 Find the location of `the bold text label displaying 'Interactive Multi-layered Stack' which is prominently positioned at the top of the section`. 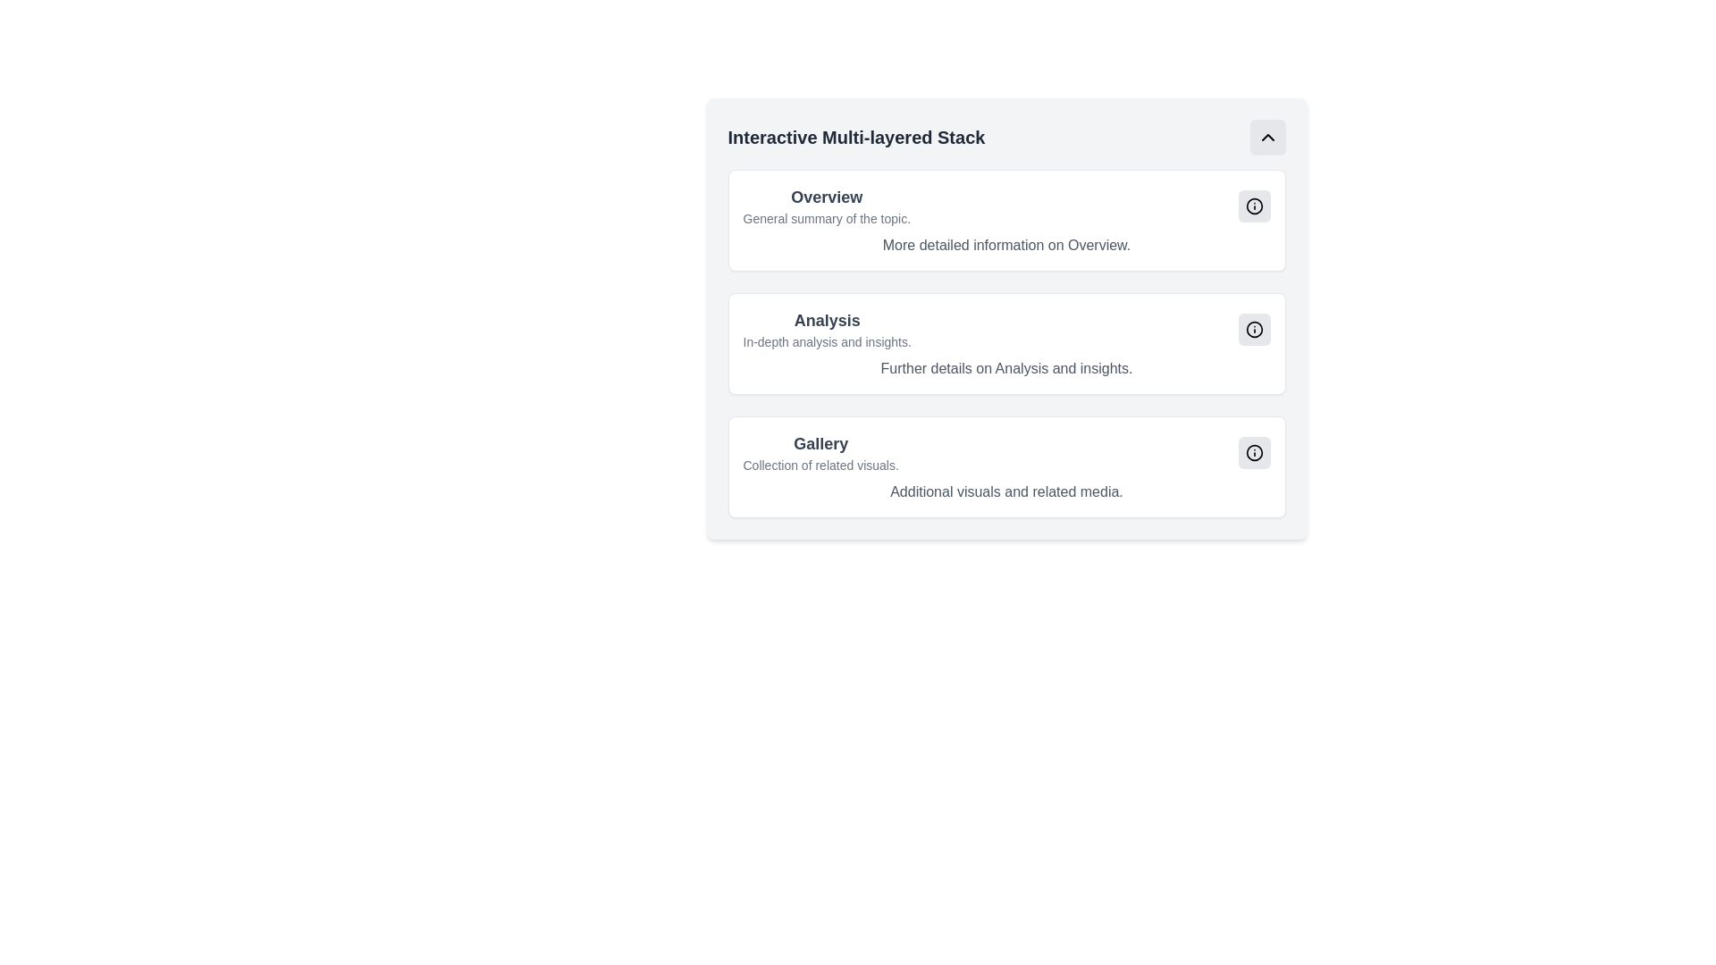

the bold text label displaying 'Interactive Multi-layered Stack' which is prominently positioned at the top of the section is located at coordinates (855, 137).